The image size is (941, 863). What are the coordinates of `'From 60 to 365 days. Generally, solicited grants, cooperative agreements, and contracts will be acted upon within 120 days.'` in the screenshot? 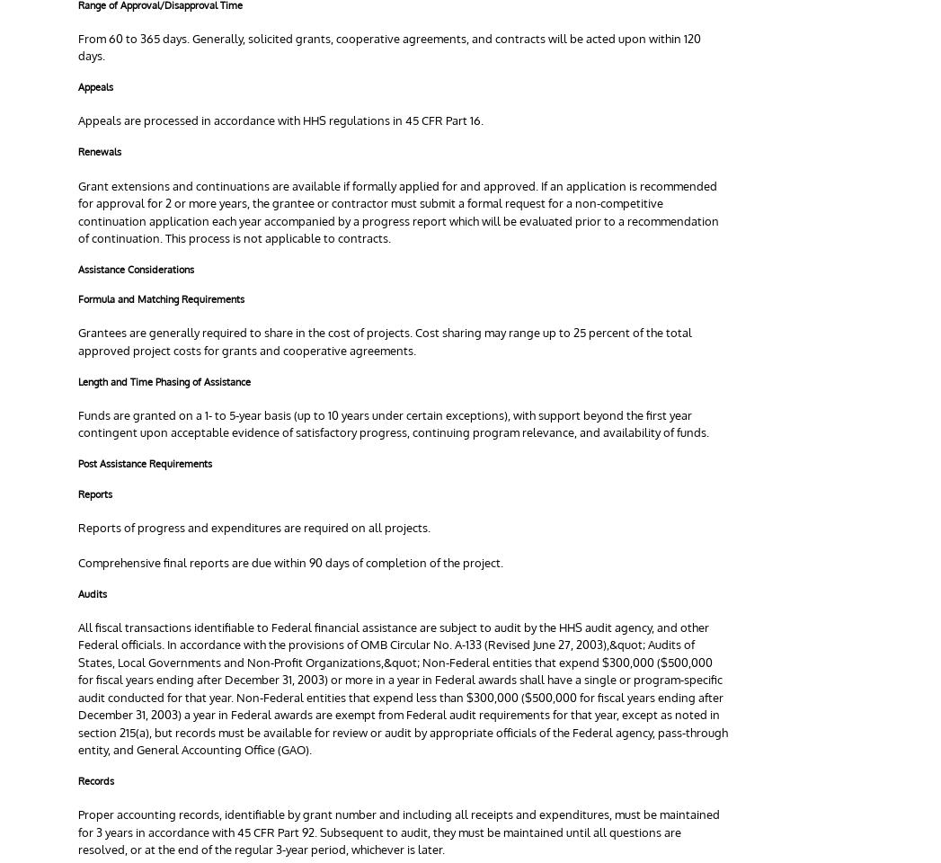 It's located at (389, 46).